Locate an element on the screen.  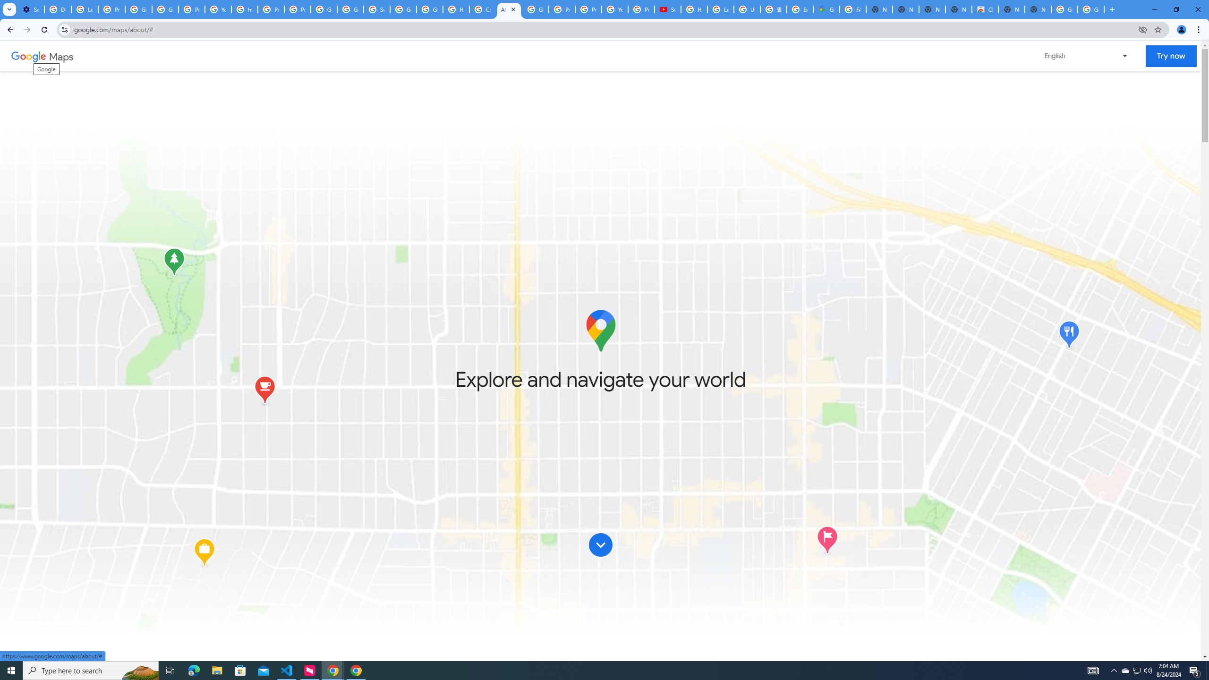
'Third-party cookies blocked' is located at coordinates (1143, 29).